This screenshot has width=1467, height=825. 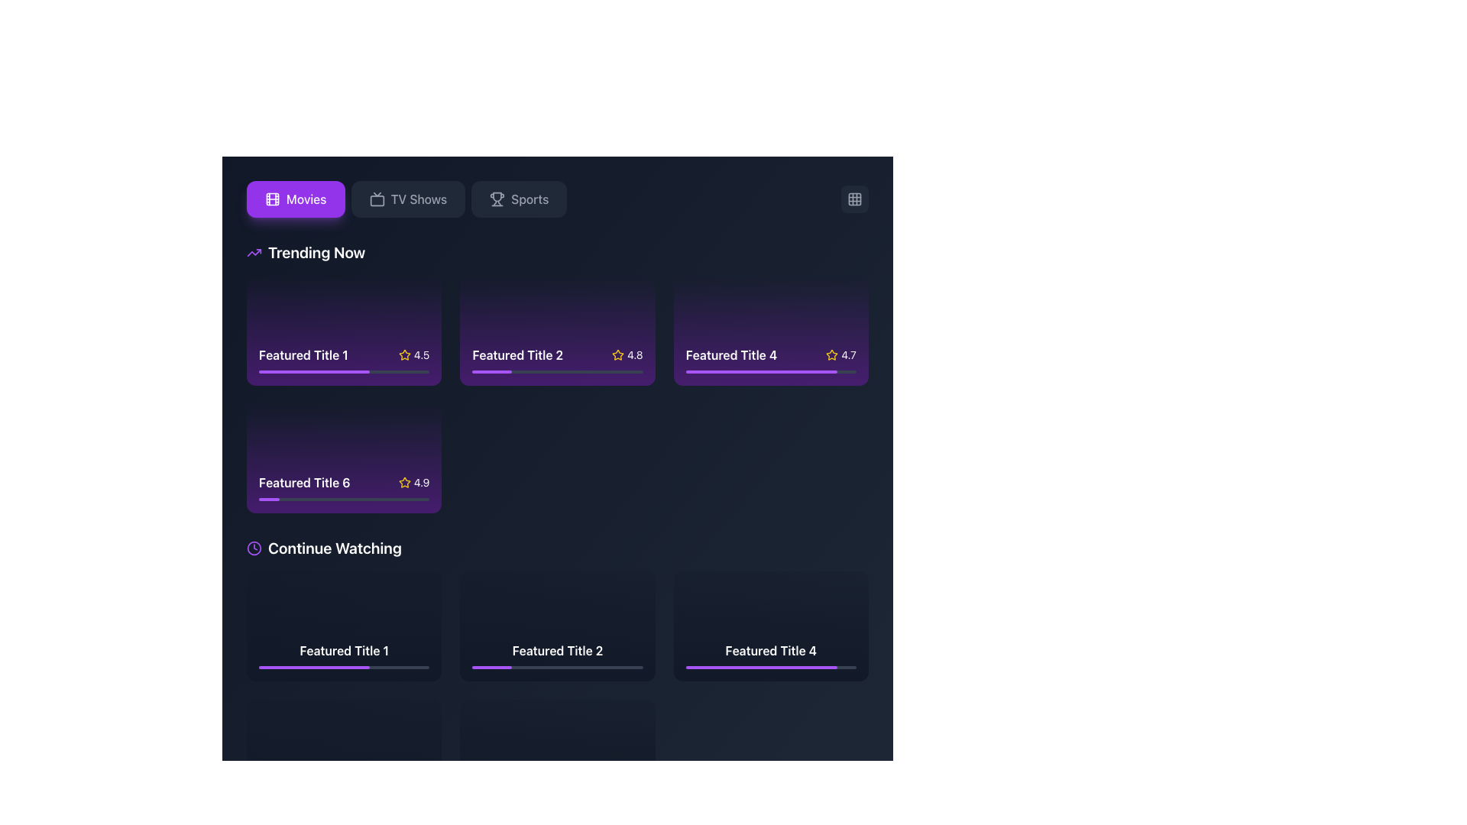 What do you see at coordinates (404, 482) in the screenshot?
I see `the non-interactive star icon graphic that represents the rating for 'Featured Title 6' located in the bottom-left card under the 'Trending Now' section` at bounding box center [404, 482].